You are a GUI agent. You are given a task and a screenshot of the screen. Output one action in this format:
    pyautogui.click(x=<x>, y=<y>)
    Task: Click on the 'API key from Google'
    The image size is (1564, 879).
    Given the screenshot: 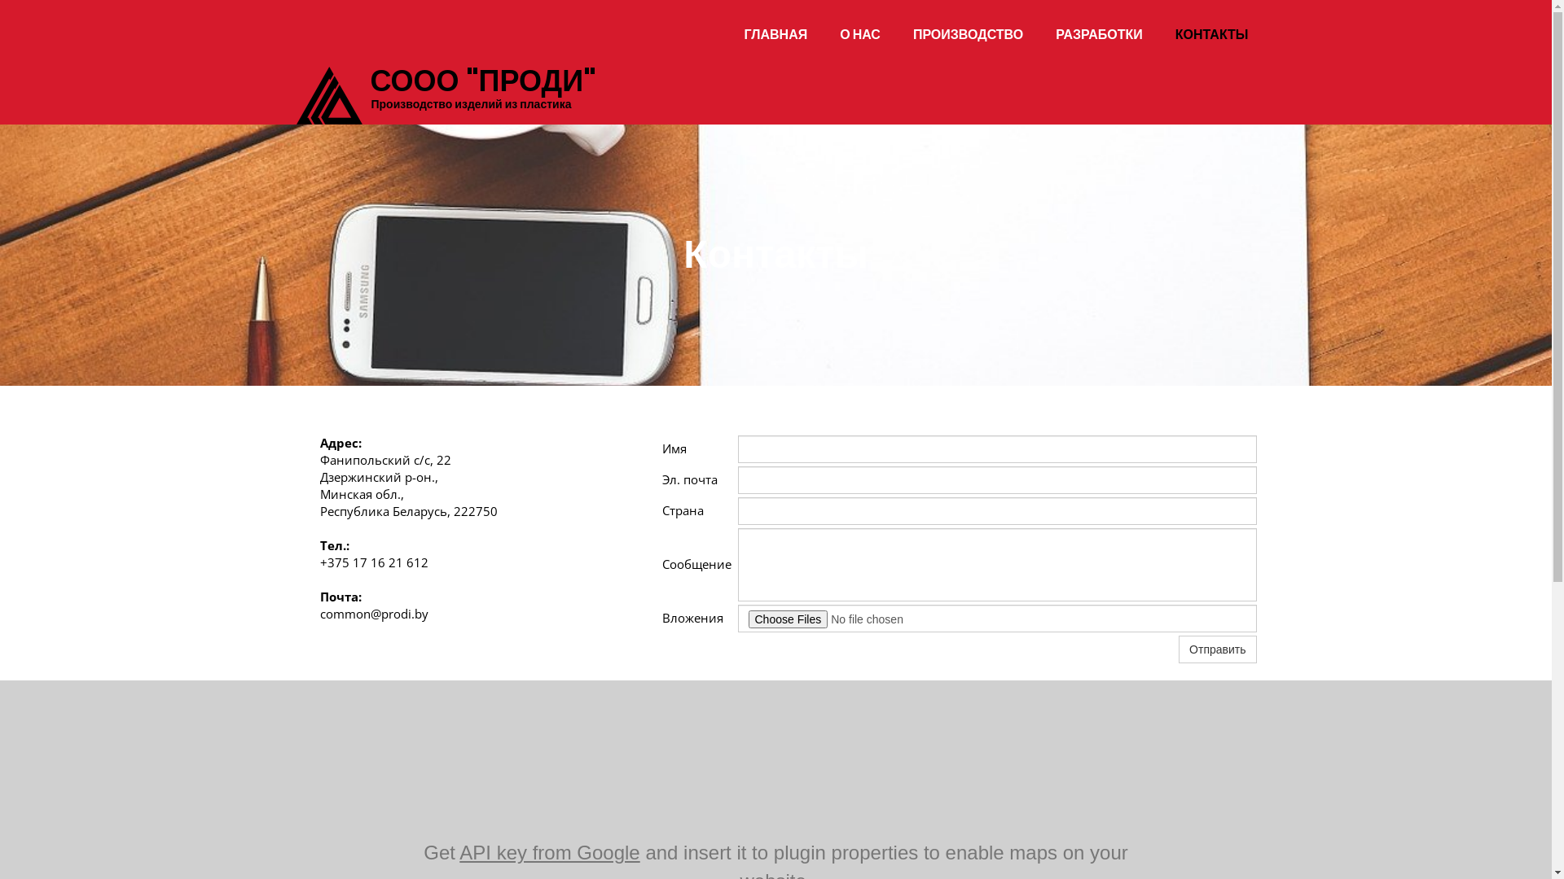 What is the action you would take?
    pyautogui.click(x=549, y=851)
    